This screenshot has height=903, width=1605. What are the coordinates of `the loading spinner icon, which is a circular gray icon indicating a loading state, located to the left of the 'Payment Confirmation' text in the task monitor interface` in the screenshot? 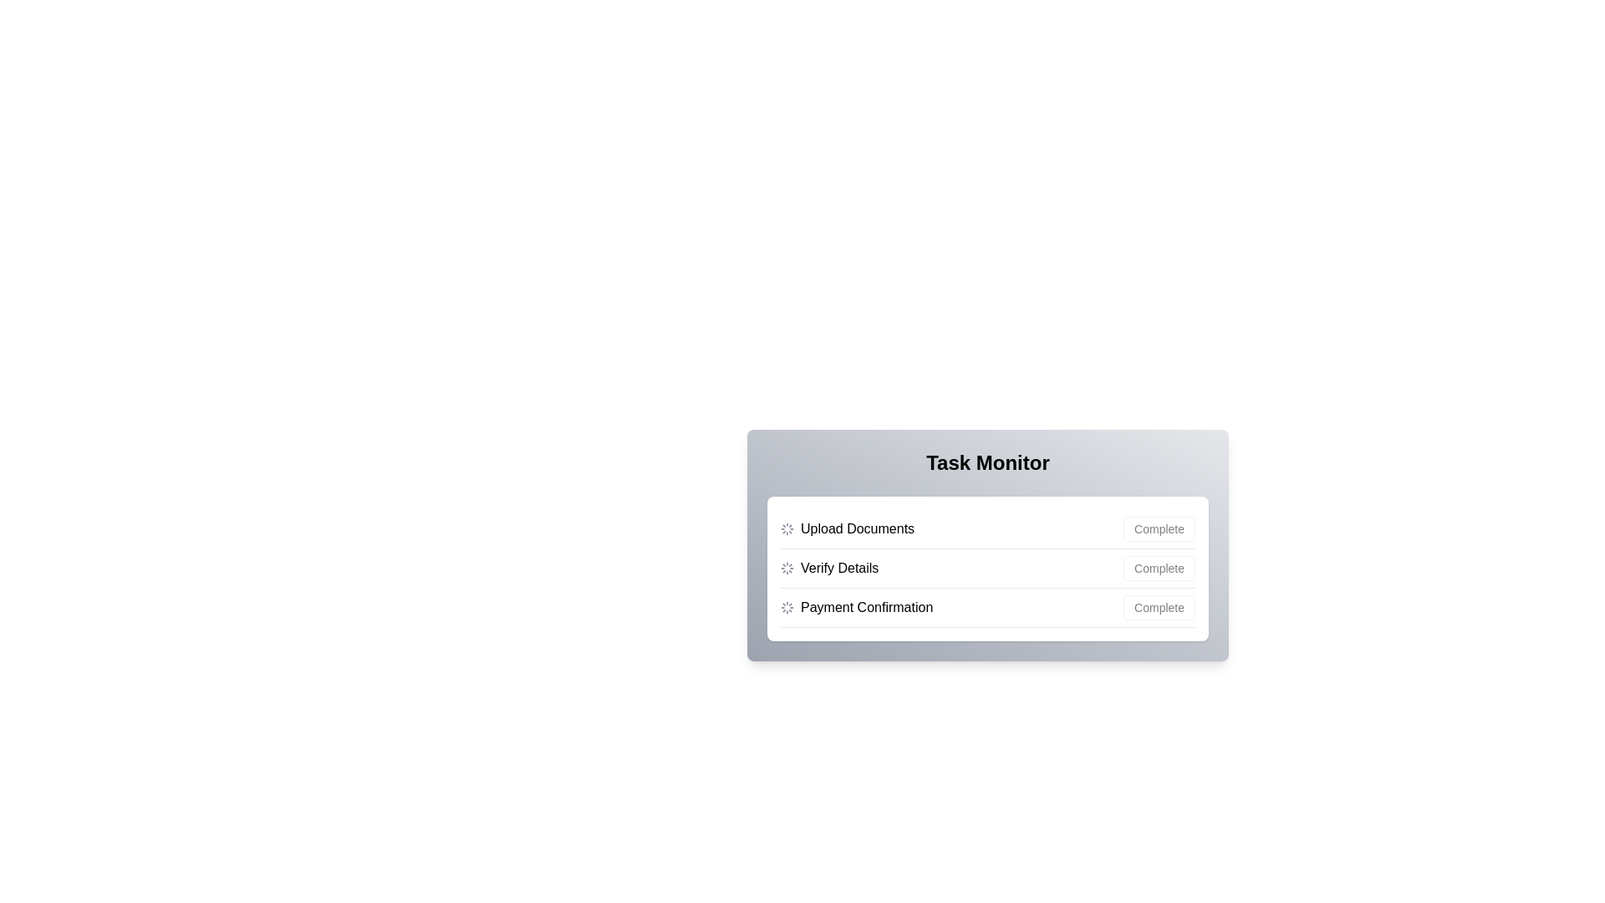 It's located at (786, 607).